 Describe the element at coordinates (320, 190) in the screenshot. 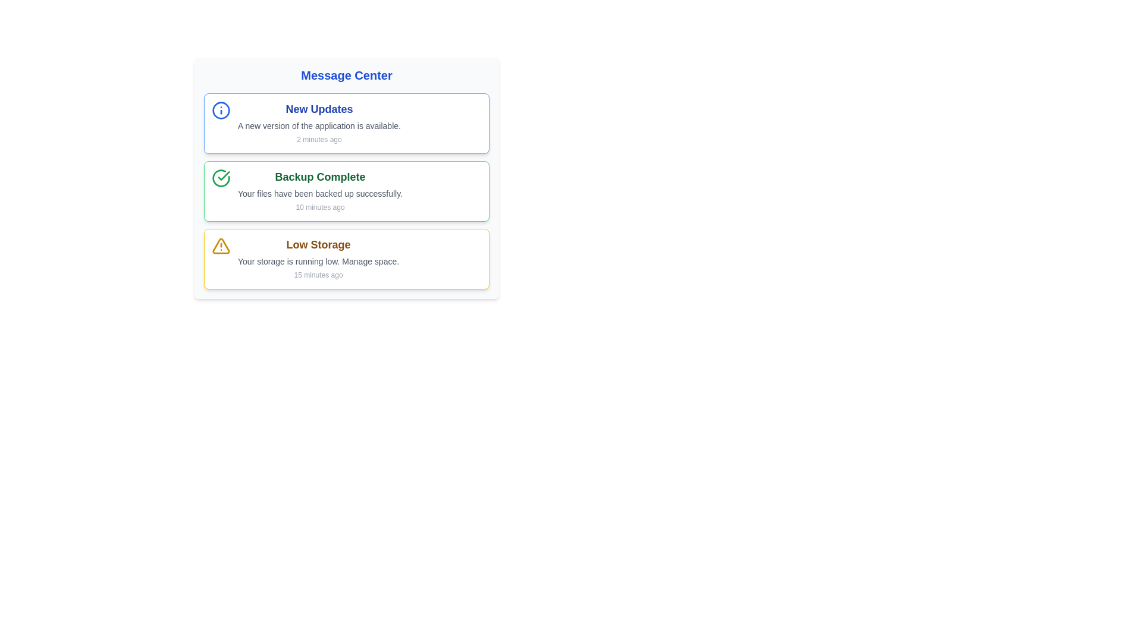

I see `the informational label with the header 'Backup Complete', which is the second notification in the 'Message Center'` at that location.